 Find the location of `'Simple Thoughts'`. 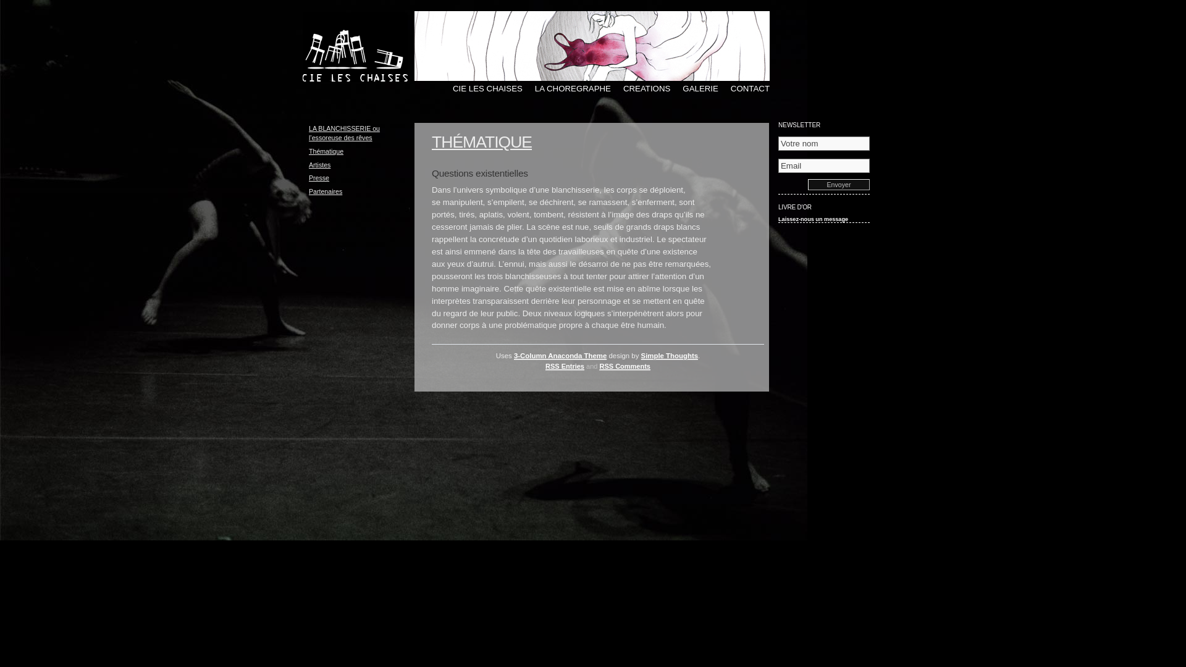

'Simple Thoughts' is located at coordinates (669, 356).